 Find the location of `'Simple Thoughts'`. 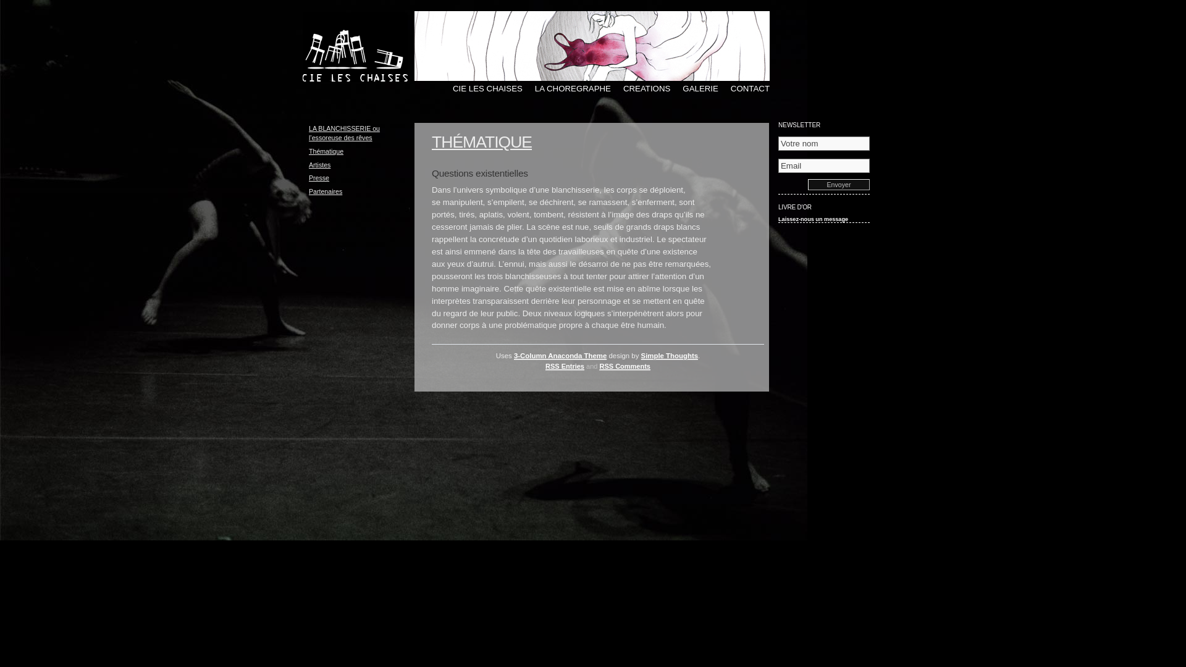

'Simple Thoughts' is located at coordinates (669, 356).